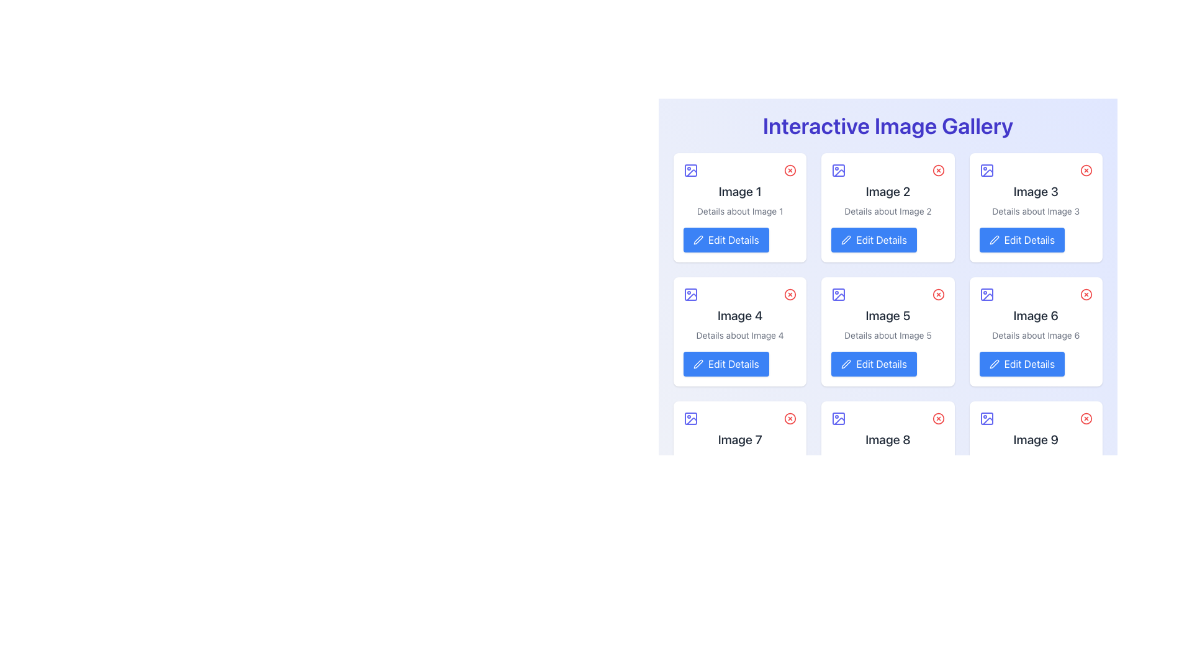  I want to click on the delete button located in the top-right corner of the 'Image 5' card, so click(938, 294).